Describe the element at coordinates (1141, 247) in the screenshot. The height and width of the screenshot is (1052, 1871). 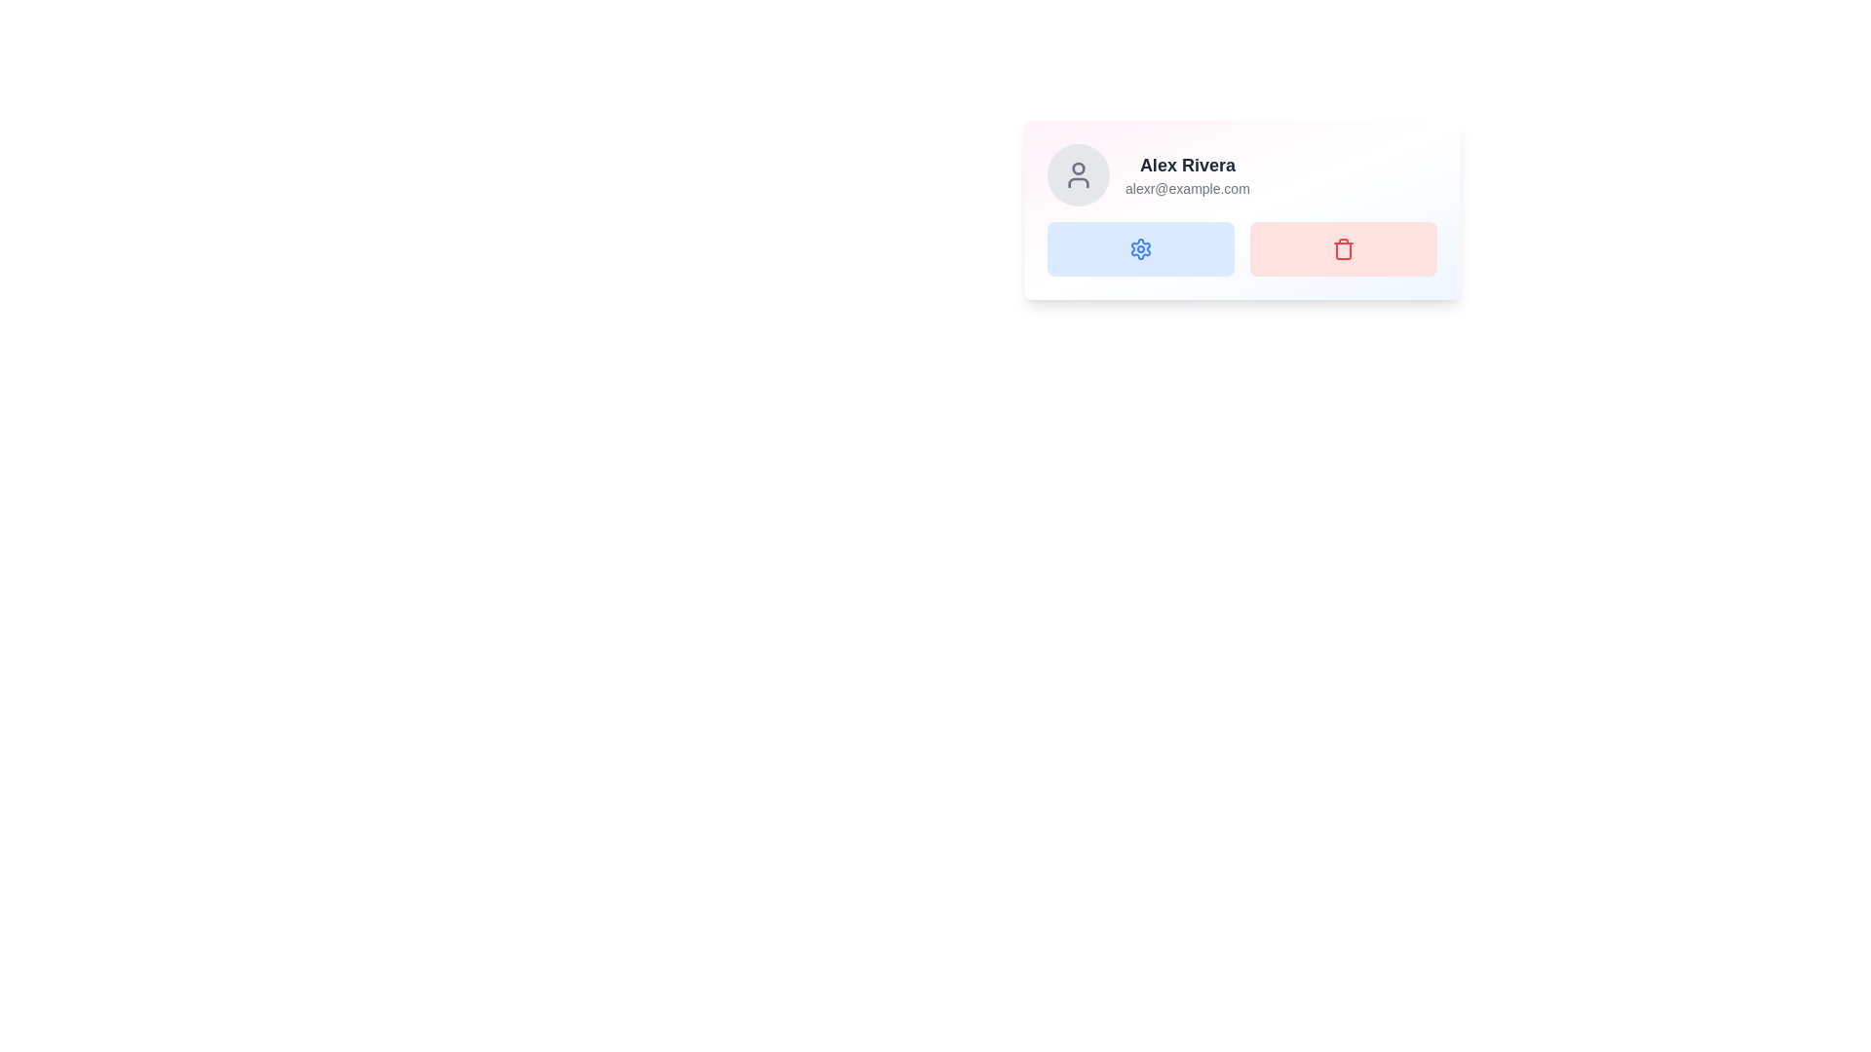
I see `the settings button located in the grid layout, directly to the left of the red trash can button, below the card header displaying 'Alex Rivera'` at that location.